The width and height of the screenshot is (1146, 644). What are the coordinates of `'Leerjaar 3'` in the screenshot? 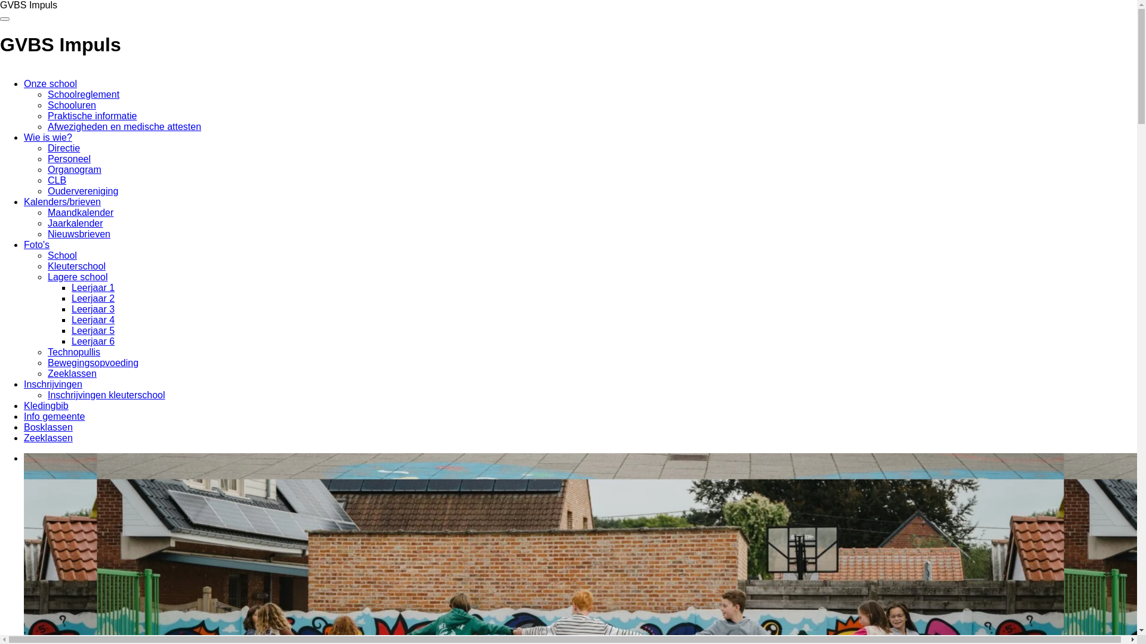 It's located at (93, 308).